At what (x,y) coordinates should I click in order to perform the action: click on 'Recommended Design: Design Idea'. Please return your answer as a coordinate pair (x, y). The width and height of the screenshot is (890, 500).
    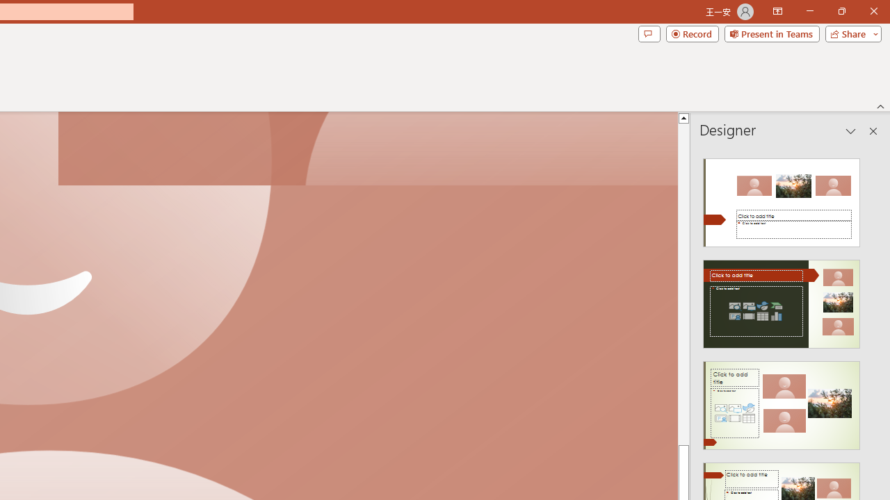
    Looking at the image, I should click on (782, 199).